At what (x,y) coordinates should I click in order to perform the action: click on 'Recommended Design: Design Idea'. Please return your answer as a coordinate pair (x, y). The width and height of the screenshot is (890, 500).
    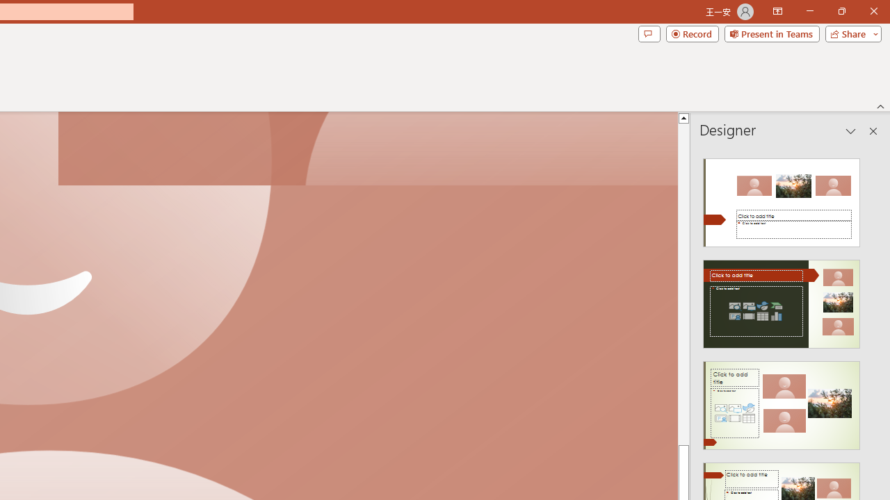
    Looking at the image, I should click on (782, 199).